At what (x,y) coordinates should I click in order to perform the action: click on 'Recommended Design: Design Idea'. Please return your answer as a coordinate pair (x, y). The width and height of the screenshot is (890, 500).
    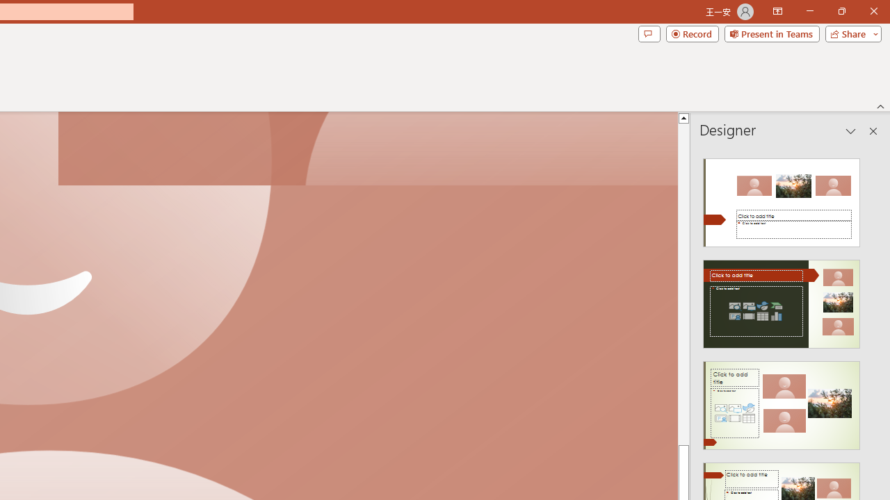
    Looking at the image, I should click on (782, 199).